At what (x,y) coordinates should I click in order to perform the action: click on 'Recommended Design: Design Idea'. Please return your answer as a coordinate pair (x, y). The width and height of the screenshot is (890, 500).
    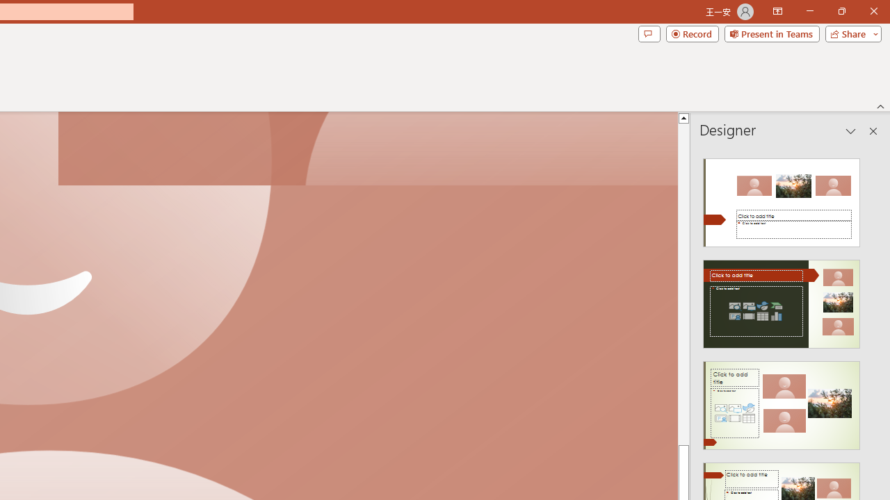
    Looking at the image, I should click on (782, 199).